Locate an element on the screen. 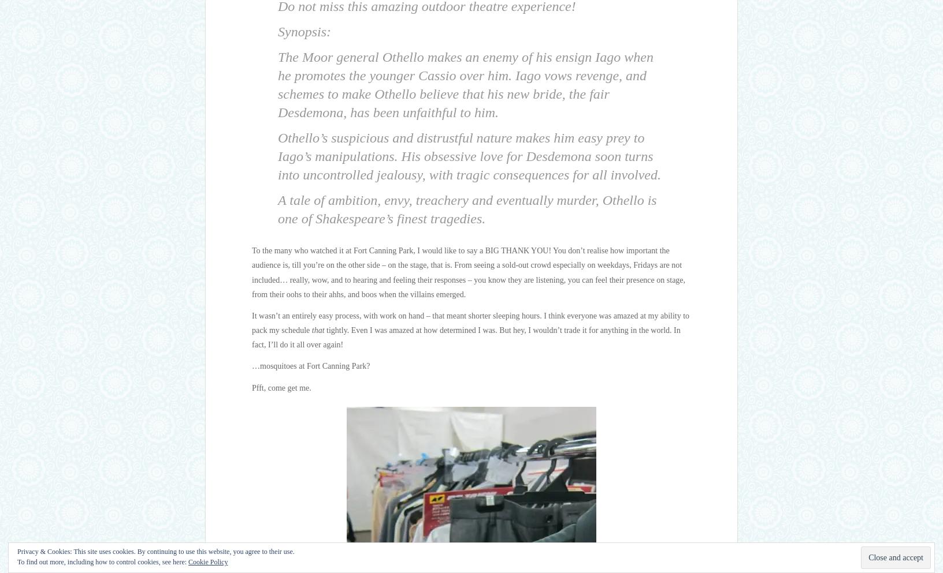  'Othello’s suspicious and distrustful nature makes him easy prey to Iago’s manipulations. His obsessive love for Desdemona soon turns into uncontrolled jealousy, with tragic consequences for all involved.' is located at coordinates (469, 156).